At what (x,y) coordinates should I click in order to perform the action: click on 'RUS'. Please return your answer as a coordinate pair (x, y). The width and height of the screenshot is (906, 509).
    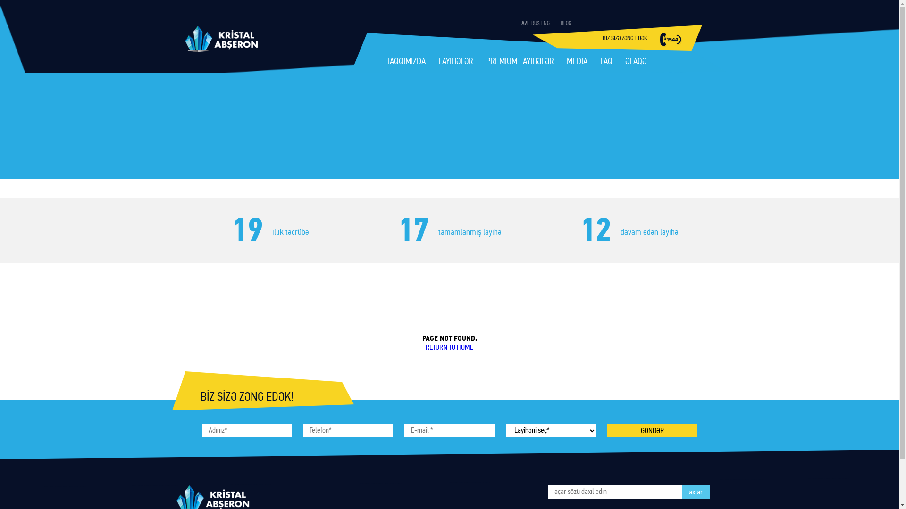
    Looking at the image, I should click on (535, 23).